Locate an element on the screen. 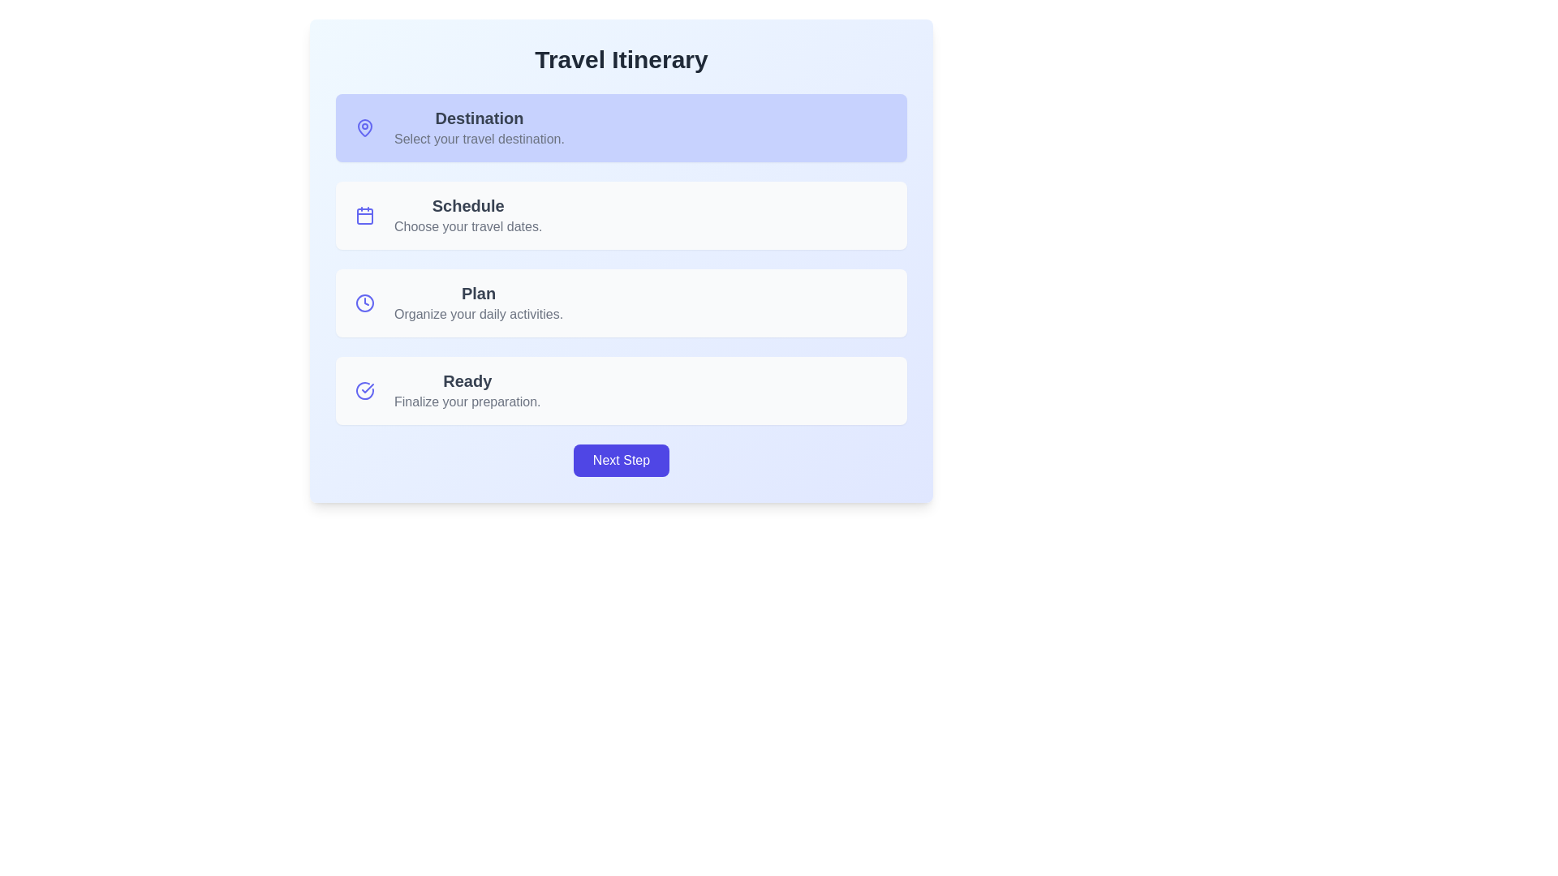 The height and width of the screenshot is (876, 1558). the static text label that instructs the user to select their travel destination, located directly beneath the 'Destination' title in a highlighted section is located at coordinates (478, 139).